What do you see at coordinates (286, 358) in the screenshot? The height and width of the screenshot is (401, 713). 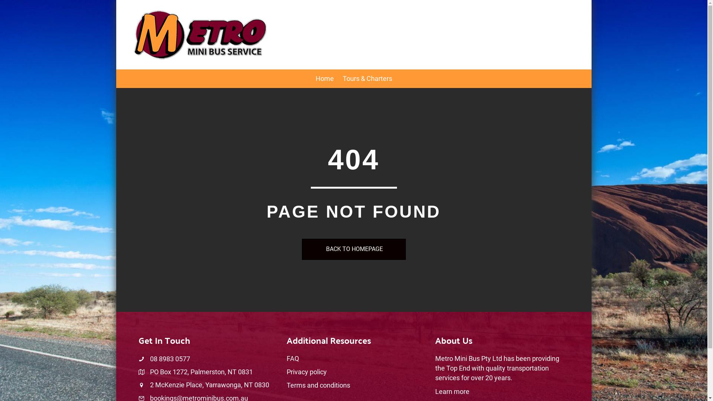 I see `'FAQ'` at bounding box center [286, 358].